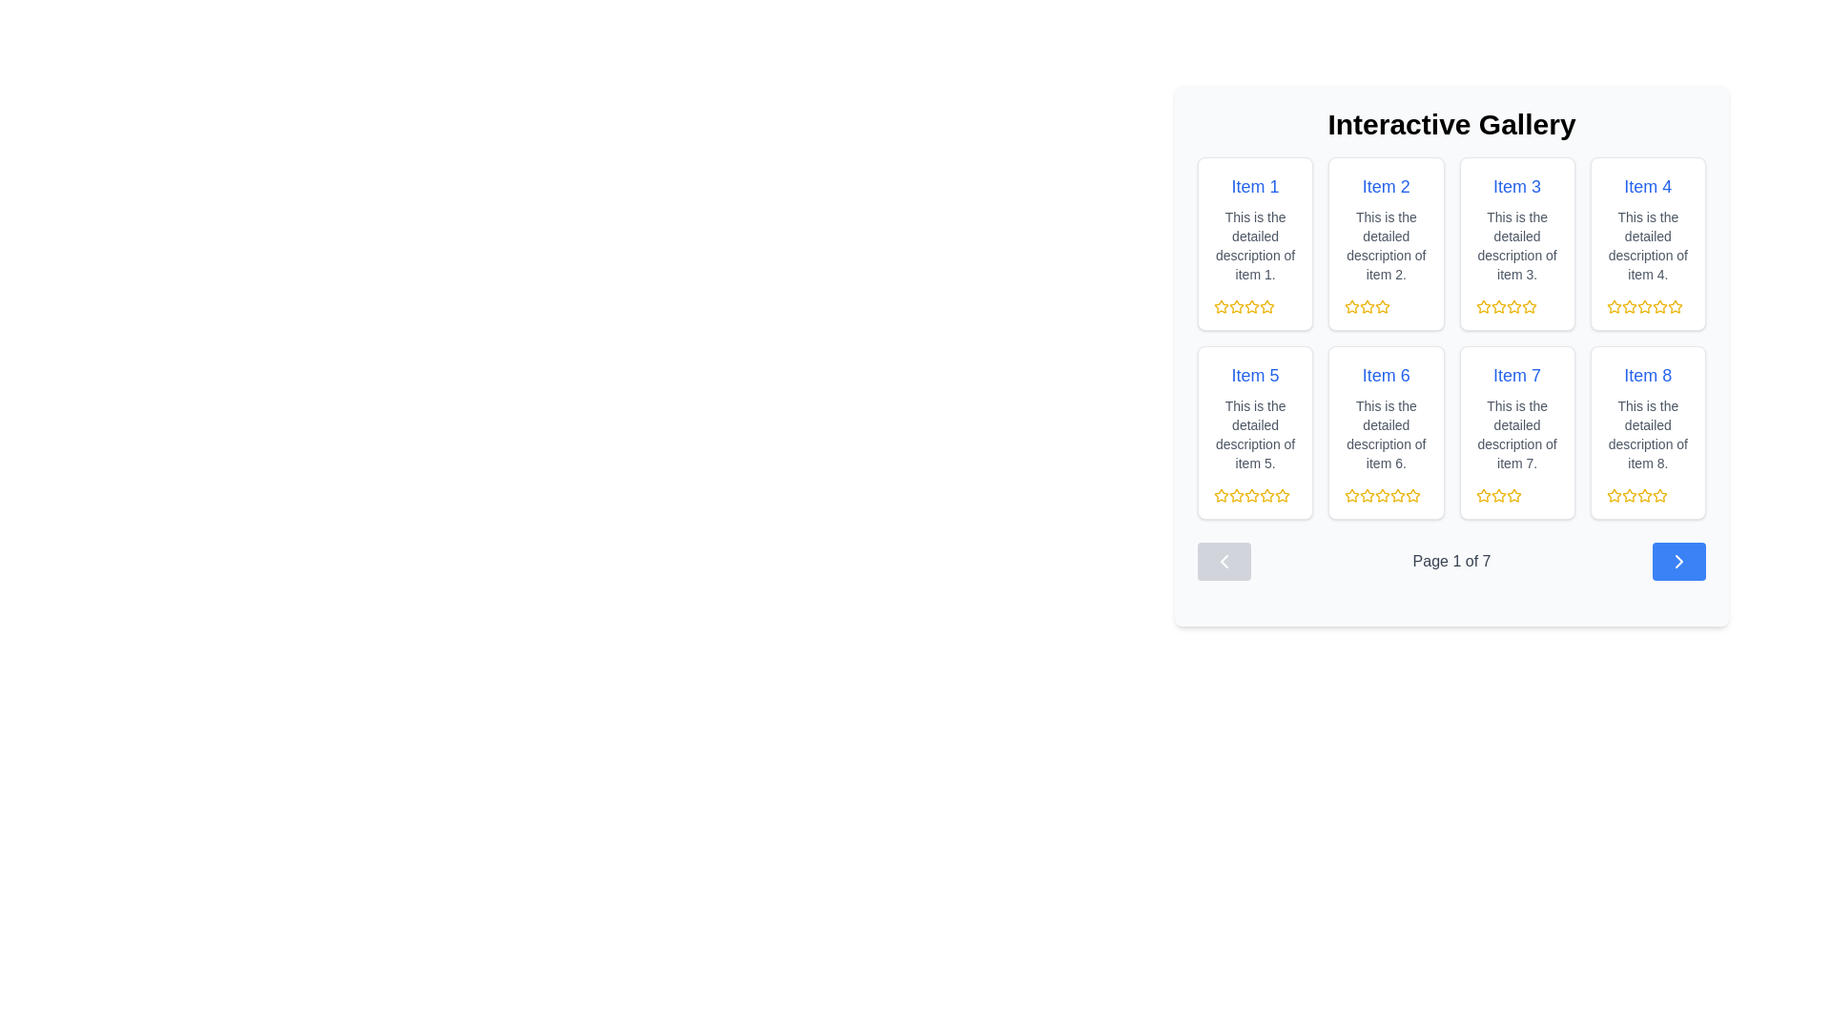  What do you see at coordinates (1529, 305) in the screenshot?
I see `the hollow yellow star icon used for ratings in the first row and third column of the grid layout` at bounding box center [1529, 305].